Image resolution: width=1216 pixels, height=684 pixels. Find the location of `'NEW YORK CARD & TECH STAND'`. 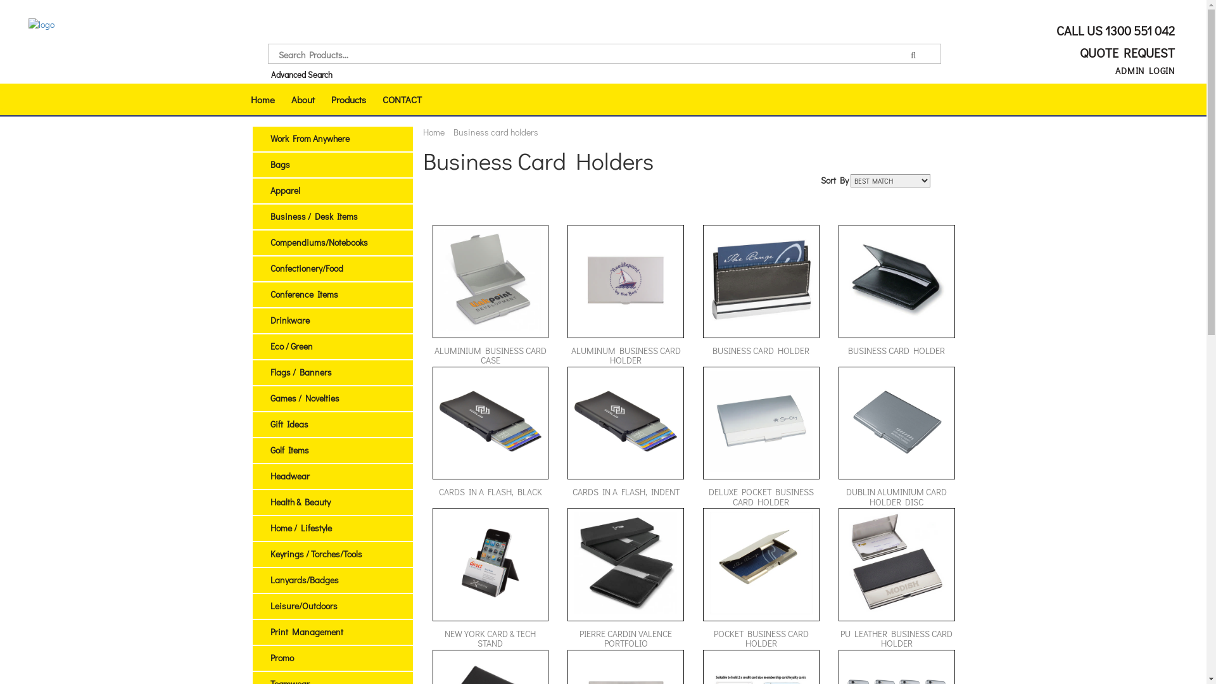

'NEW YORK CARD & TECH STAND' is located at coordinates (489, 579).